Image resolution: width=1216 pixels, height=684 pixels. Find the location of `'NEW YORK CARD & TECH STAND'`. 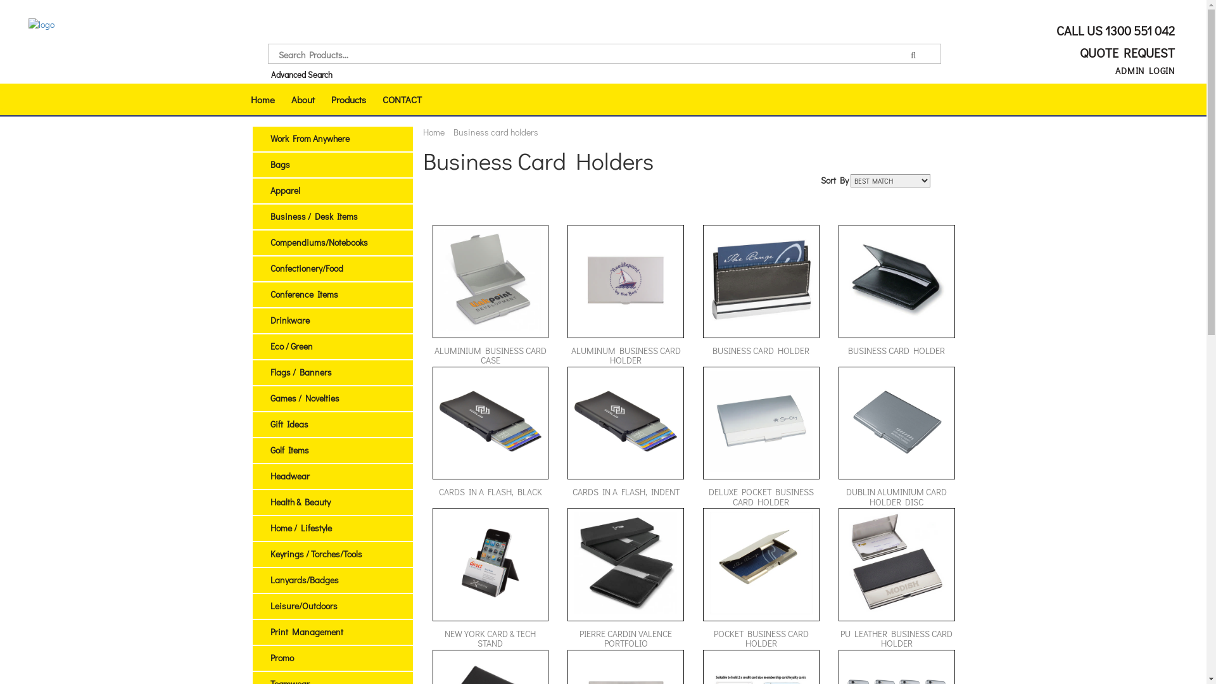

'NEW YORK CARD & TECH STAND' is located at coordinates (489, 579).